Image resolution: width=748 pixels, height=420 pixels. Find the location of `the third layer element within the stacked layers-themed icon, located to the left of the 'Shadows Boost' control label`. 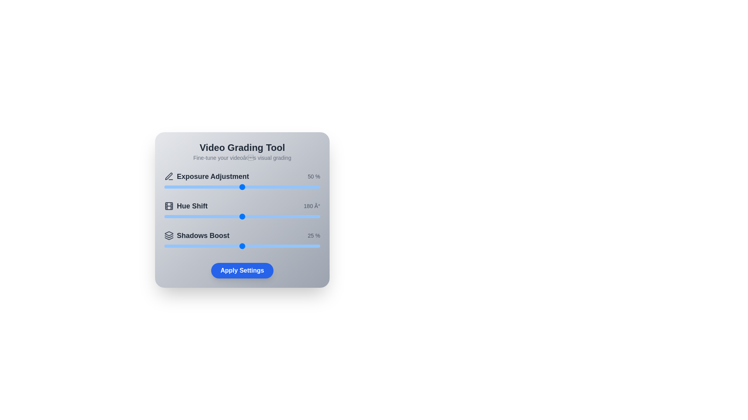

the third layer element within the stacked layers-themed icon, located to the left of the 'Shadows Boost' control label is located at coordinates (168, 238).